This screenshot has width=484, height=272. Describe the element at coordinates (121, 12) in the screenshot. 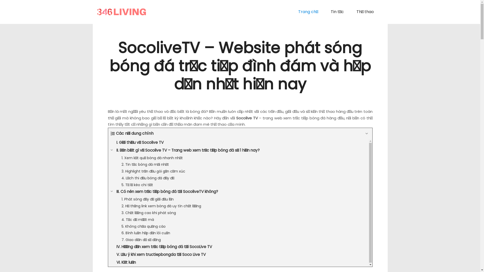

I see `'My Blog'` at that location.